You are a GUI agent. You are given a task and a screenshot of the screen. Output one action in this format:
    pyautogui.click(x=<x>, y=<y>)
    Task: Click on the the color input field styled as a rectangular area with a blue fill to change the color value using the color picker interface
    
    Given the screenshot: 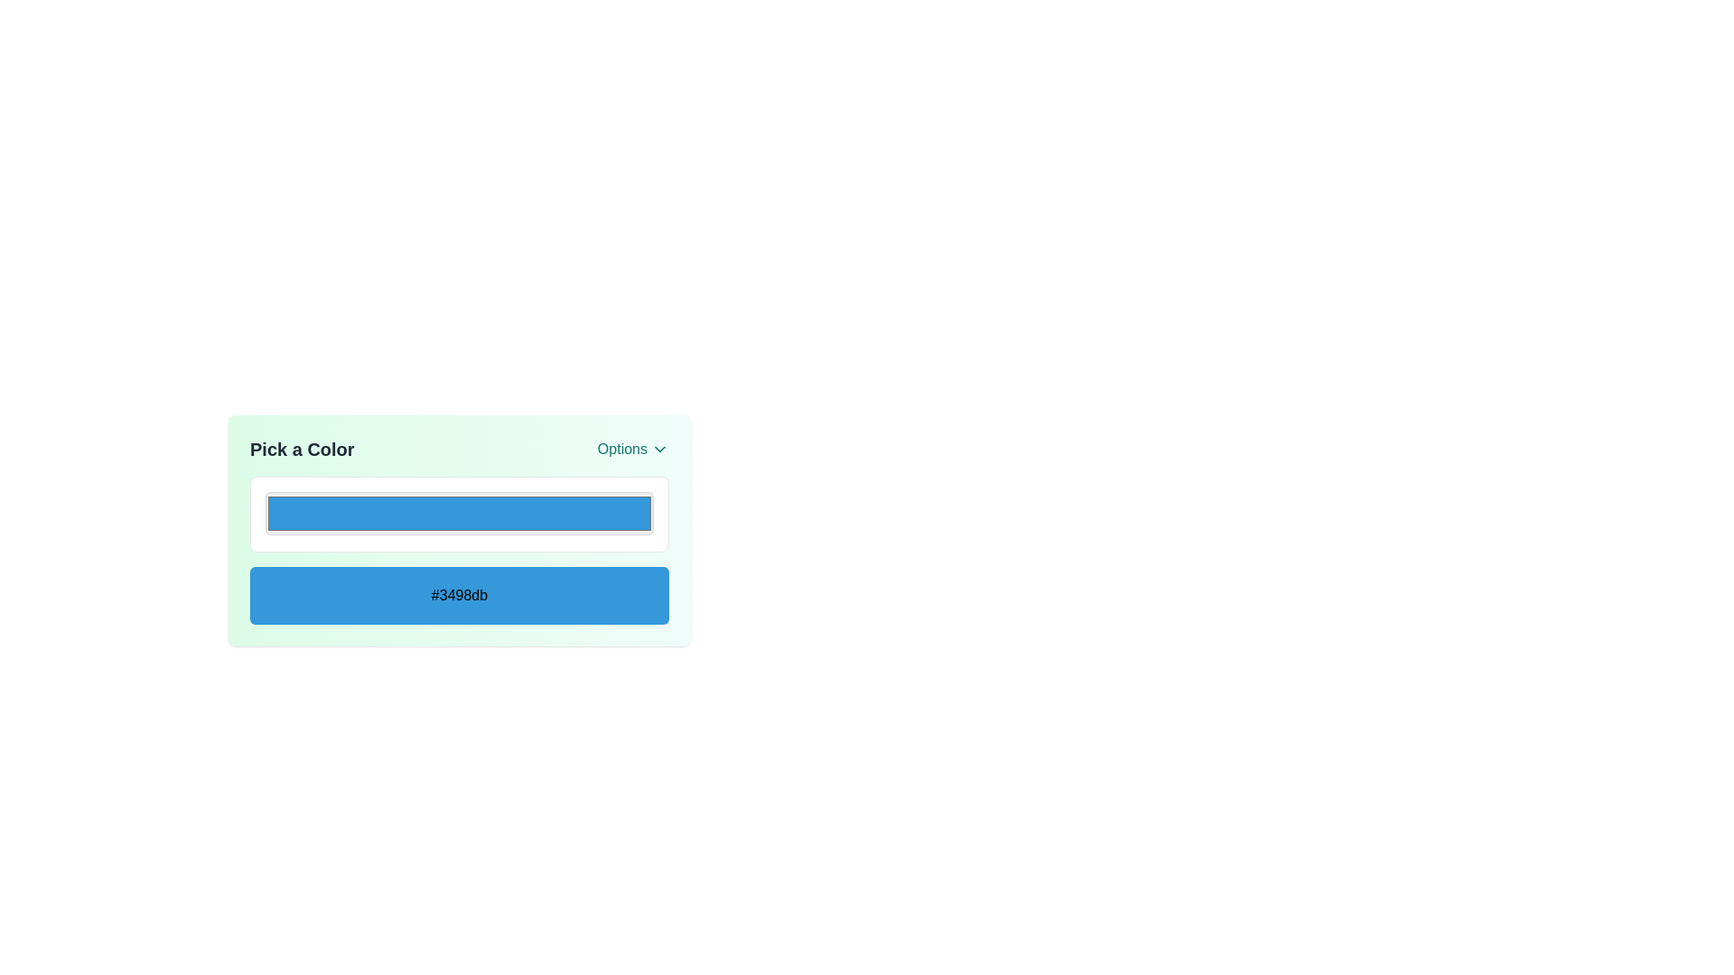 What is the action you would take?
    pyautogui.click(x=459, y=529)
    